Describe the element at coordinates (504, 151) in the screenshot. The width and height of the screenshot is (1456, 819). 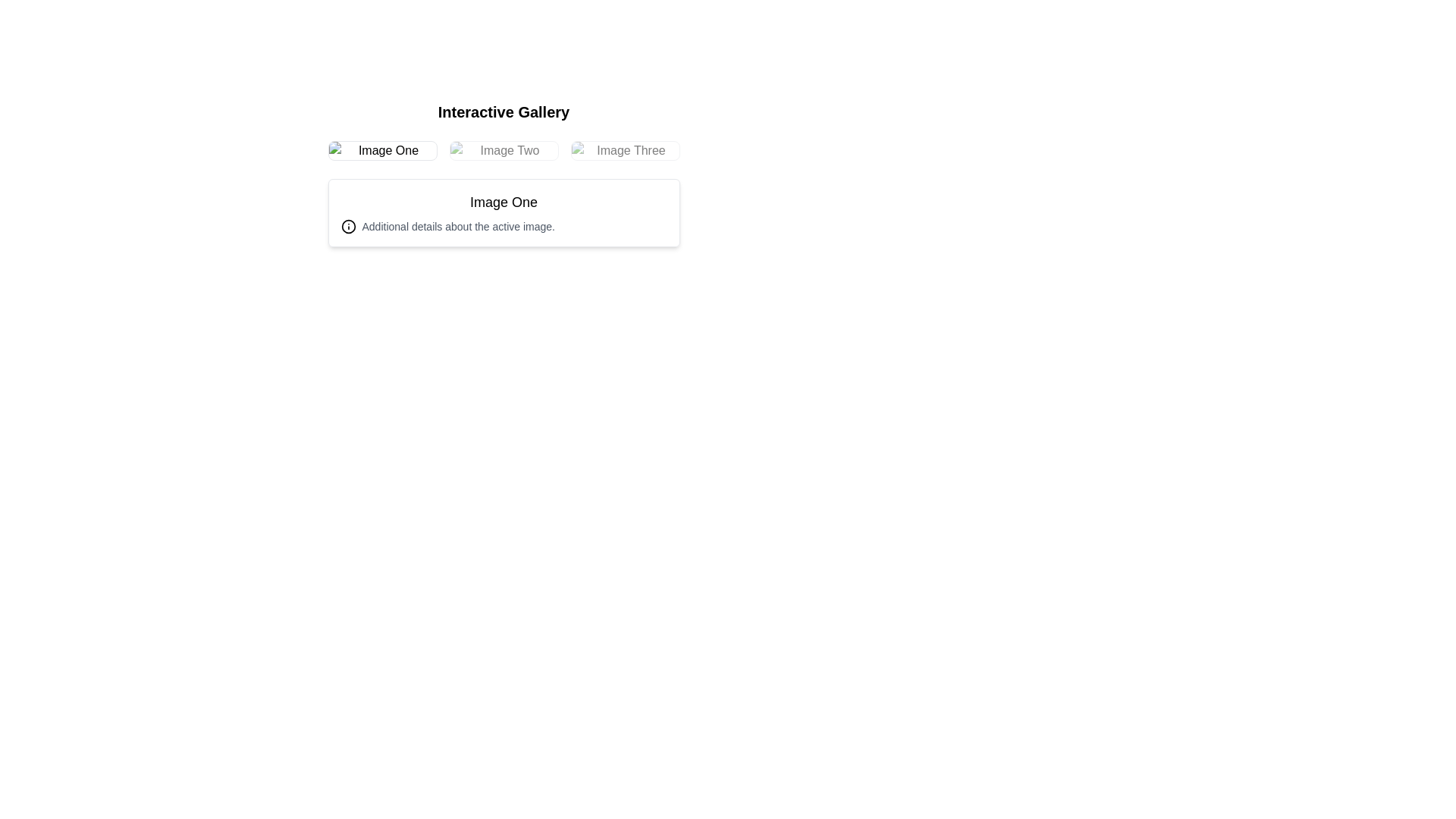
I see `the second clickable image element in the gallery interface, which is horizontally centered in its row` at that location.